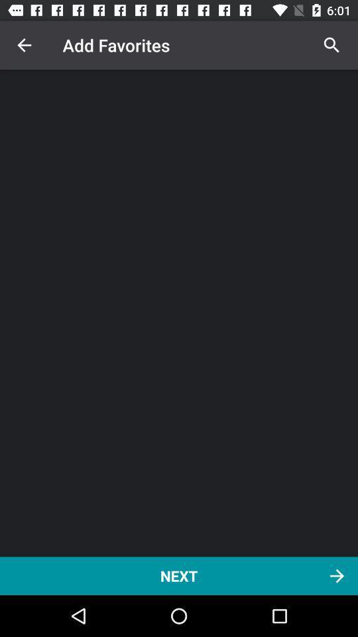 The width and height of the screenshot is (358, 637). I want to click on icon at the top right corner, so click(331, 45).